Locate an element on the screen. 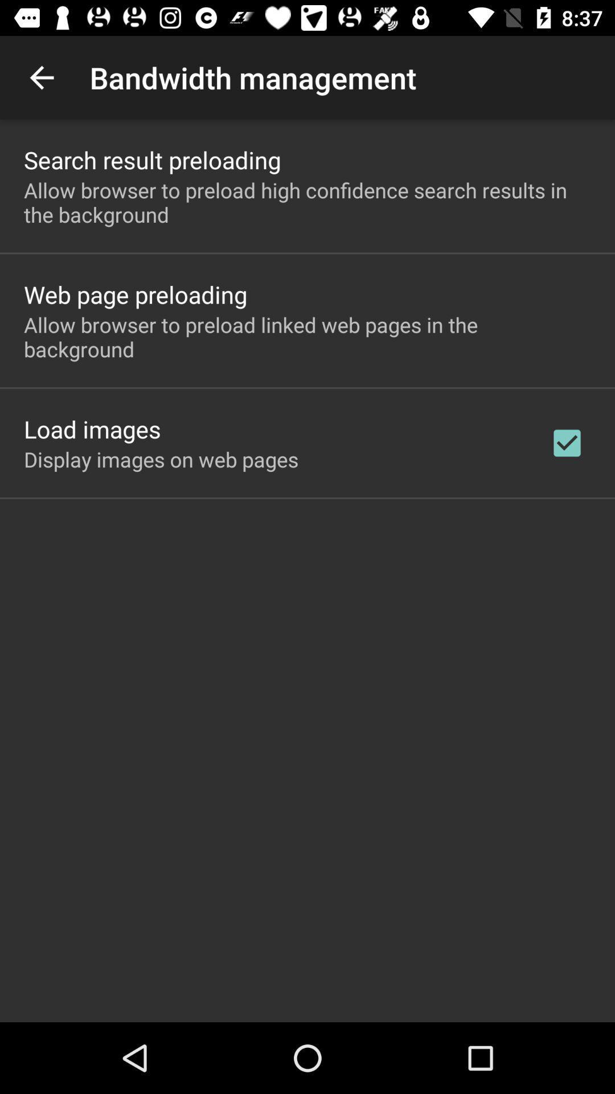  load images app is located at coordinates (92, 428).